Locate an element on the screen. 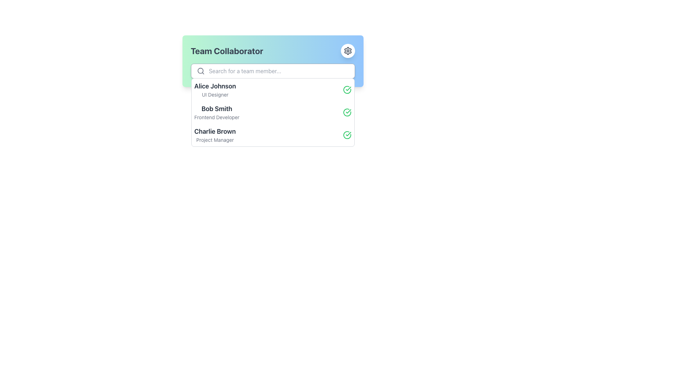 Image resolution: width=679 pixels, height=382 pixels. the text label displaying the name 'Bob Smith' is located at coordinates (216, 109).